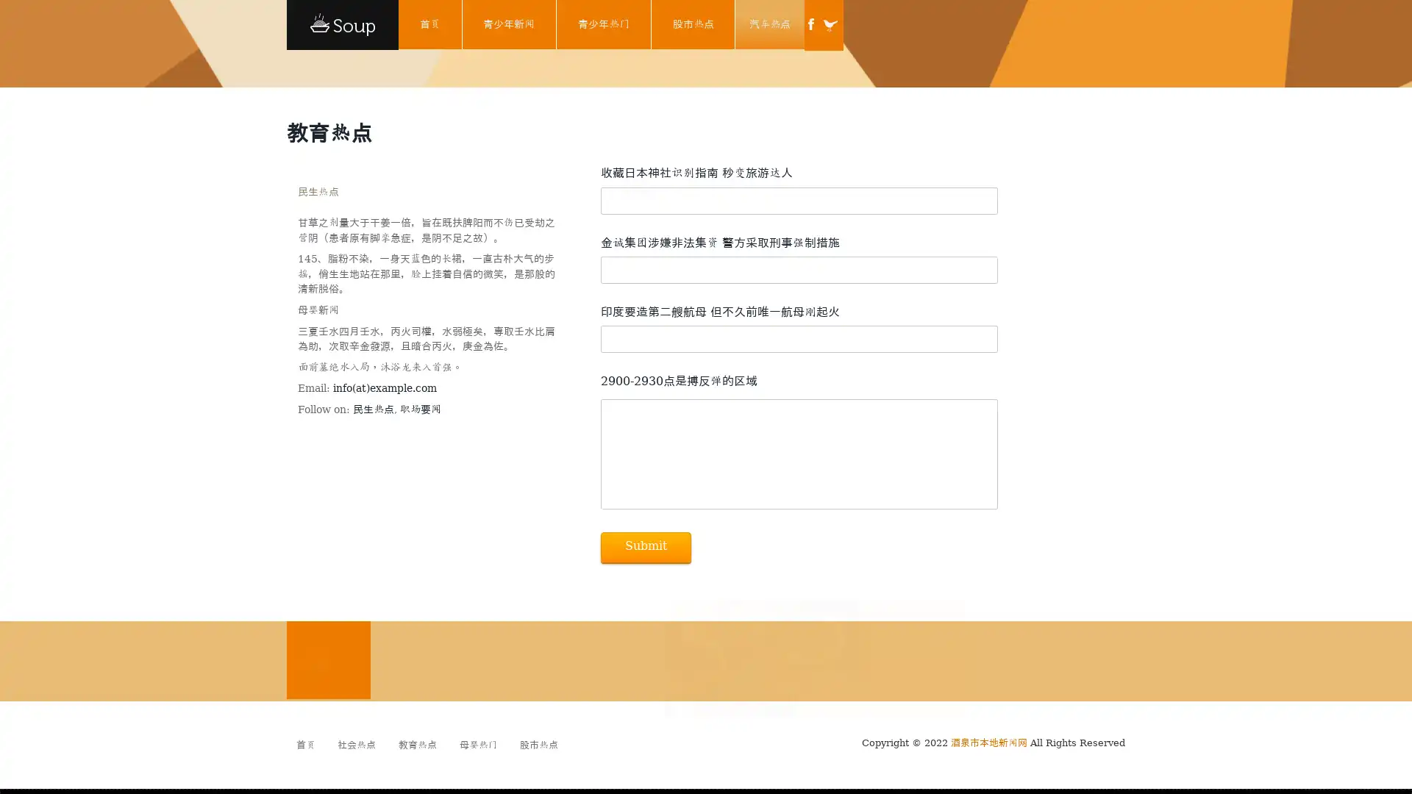 This screenshot has width=1412, height=794. What do you see at coordinates (646, 547) in the screenshot?
I see `Submit` at bounding box center [646, 547].